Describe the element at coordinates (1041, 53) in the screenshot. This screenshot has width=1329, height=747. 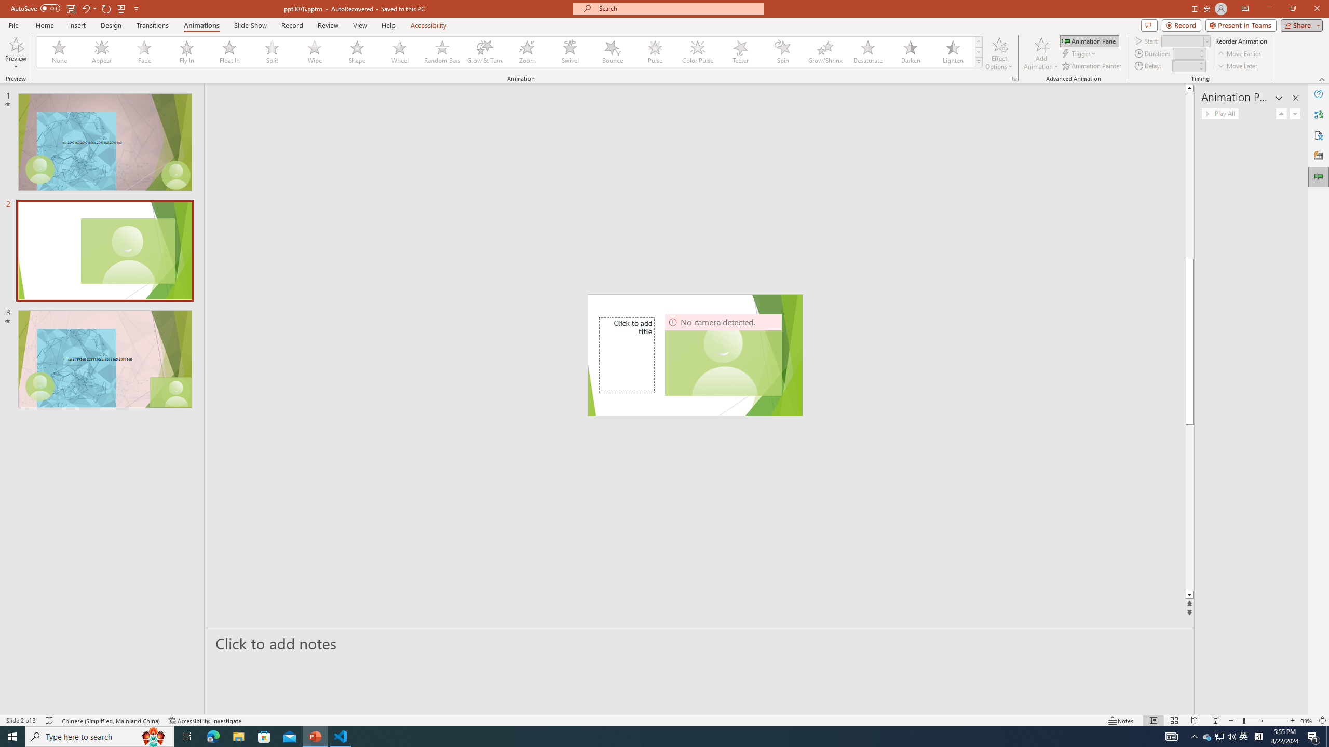
I see `'Add Animation'` at that location.